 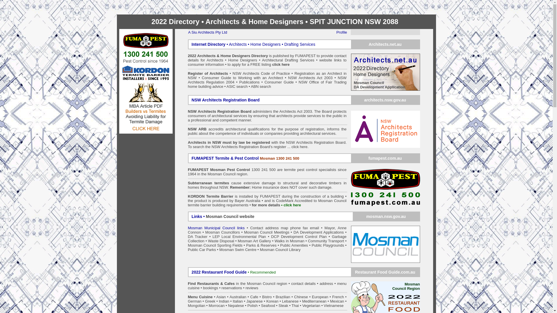 What do you see at coordinates (289, 241) in the screenshot?
I see `'Walks in Mosman'` at bounding box center [289, 241].